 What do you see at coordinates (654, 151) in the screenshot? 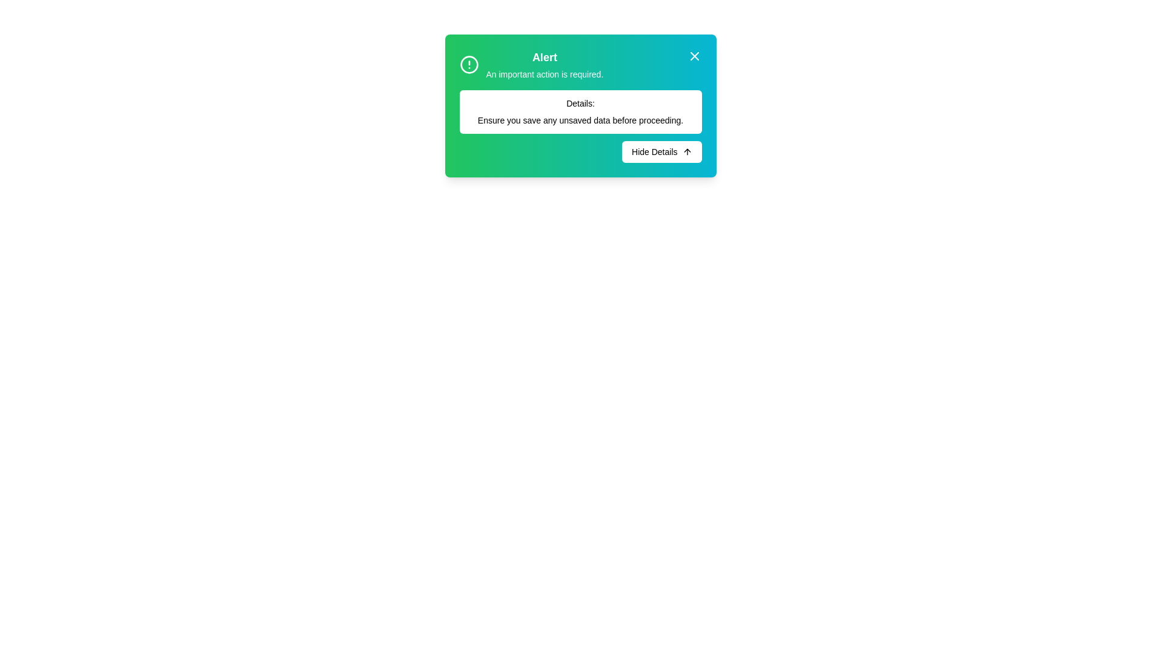
I see `the 'Hide Details' text label within the button that collapses additional information, located in the lower-right section of a modal dialog box` at bounding box center [654, 151].